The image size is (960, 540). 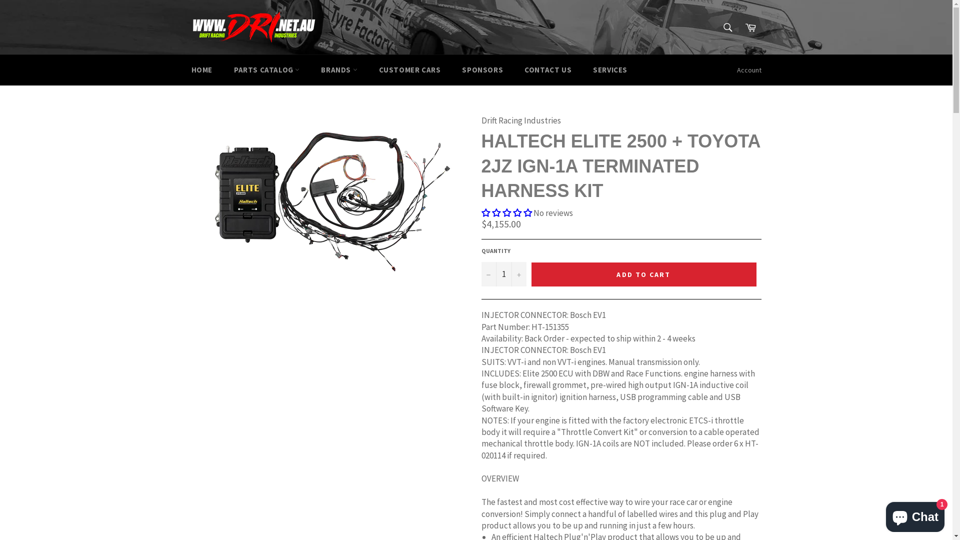 What do you see at coordinates (266, 69) in the screenshot?
I see `'PARTS CATALOG'` at bounding box center [266, 69].